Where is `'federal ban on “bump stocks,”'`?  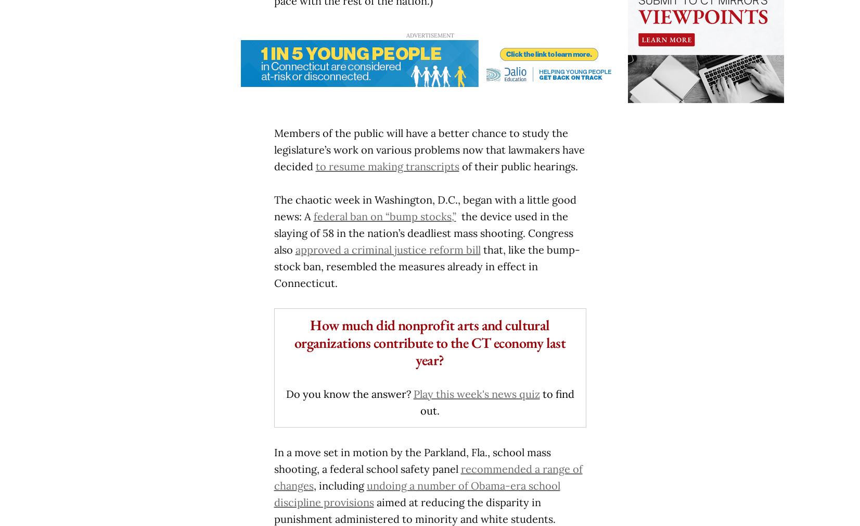 'federal ban on “bump stocks,”' is located at coordinates (313, 216).